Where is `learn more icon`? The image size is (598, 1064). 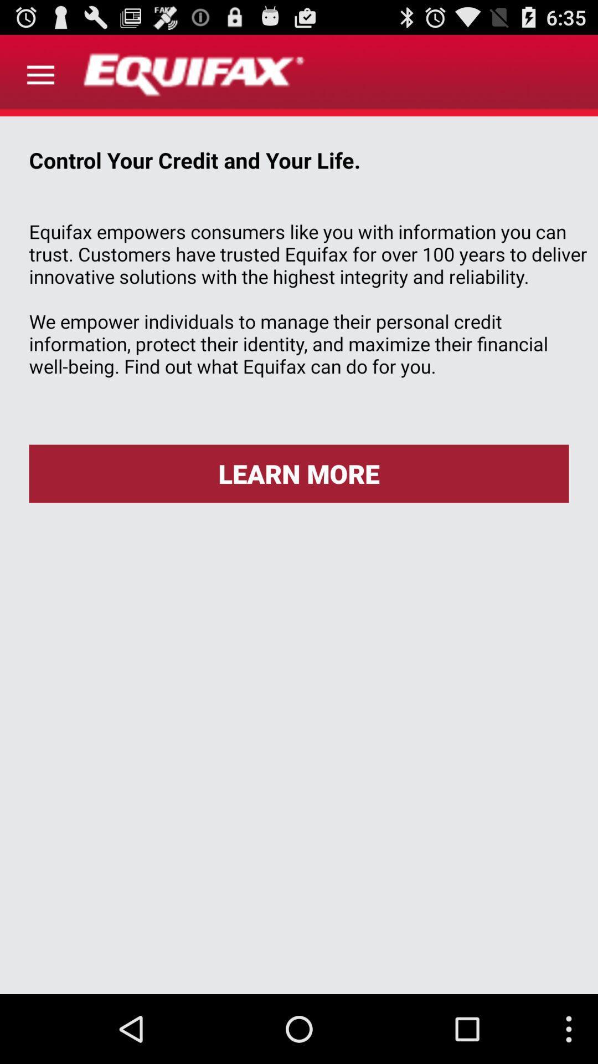
learn more icon is located at coordinates (299, 473).